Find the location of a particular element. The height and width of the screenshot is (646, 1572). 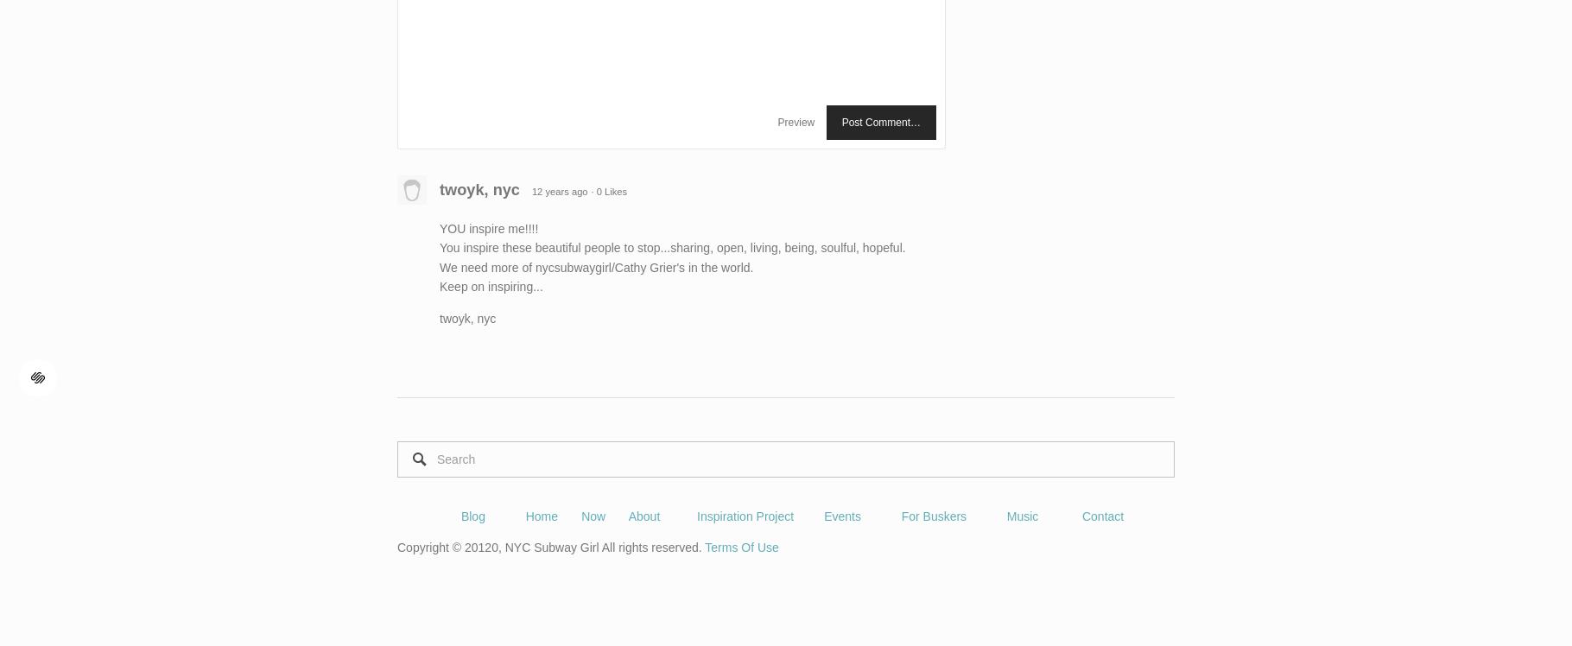

'Inspiration Project' is located at coordinates (745, 516).